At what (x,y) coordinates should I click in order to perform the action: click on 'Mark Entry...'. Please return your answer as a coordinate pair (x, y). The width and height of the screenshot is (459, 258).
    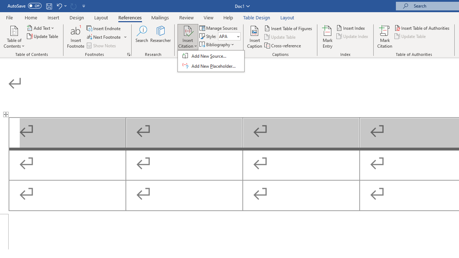
    Looking at the image, I should click on (327, 37).